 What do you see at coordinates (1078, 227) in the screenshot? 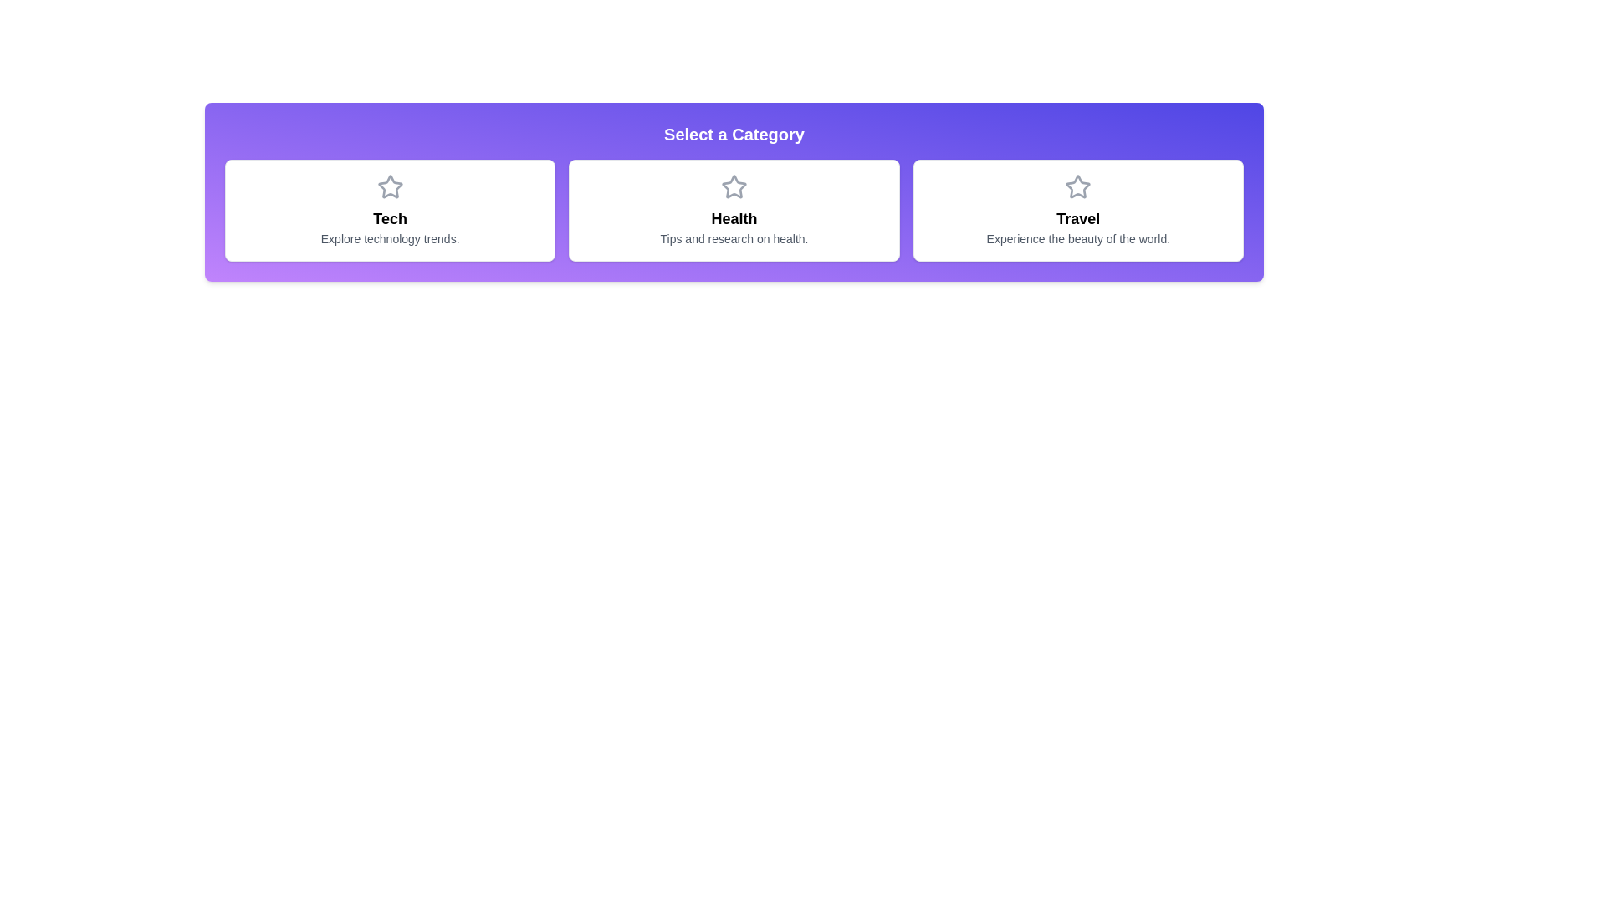
I see `displayed information from the Text display that serves as a descriptive title and summary for the 'Travel' category, which is the third item in the group of cards under 'Select a Category'` at bounding box center [1078, 227].